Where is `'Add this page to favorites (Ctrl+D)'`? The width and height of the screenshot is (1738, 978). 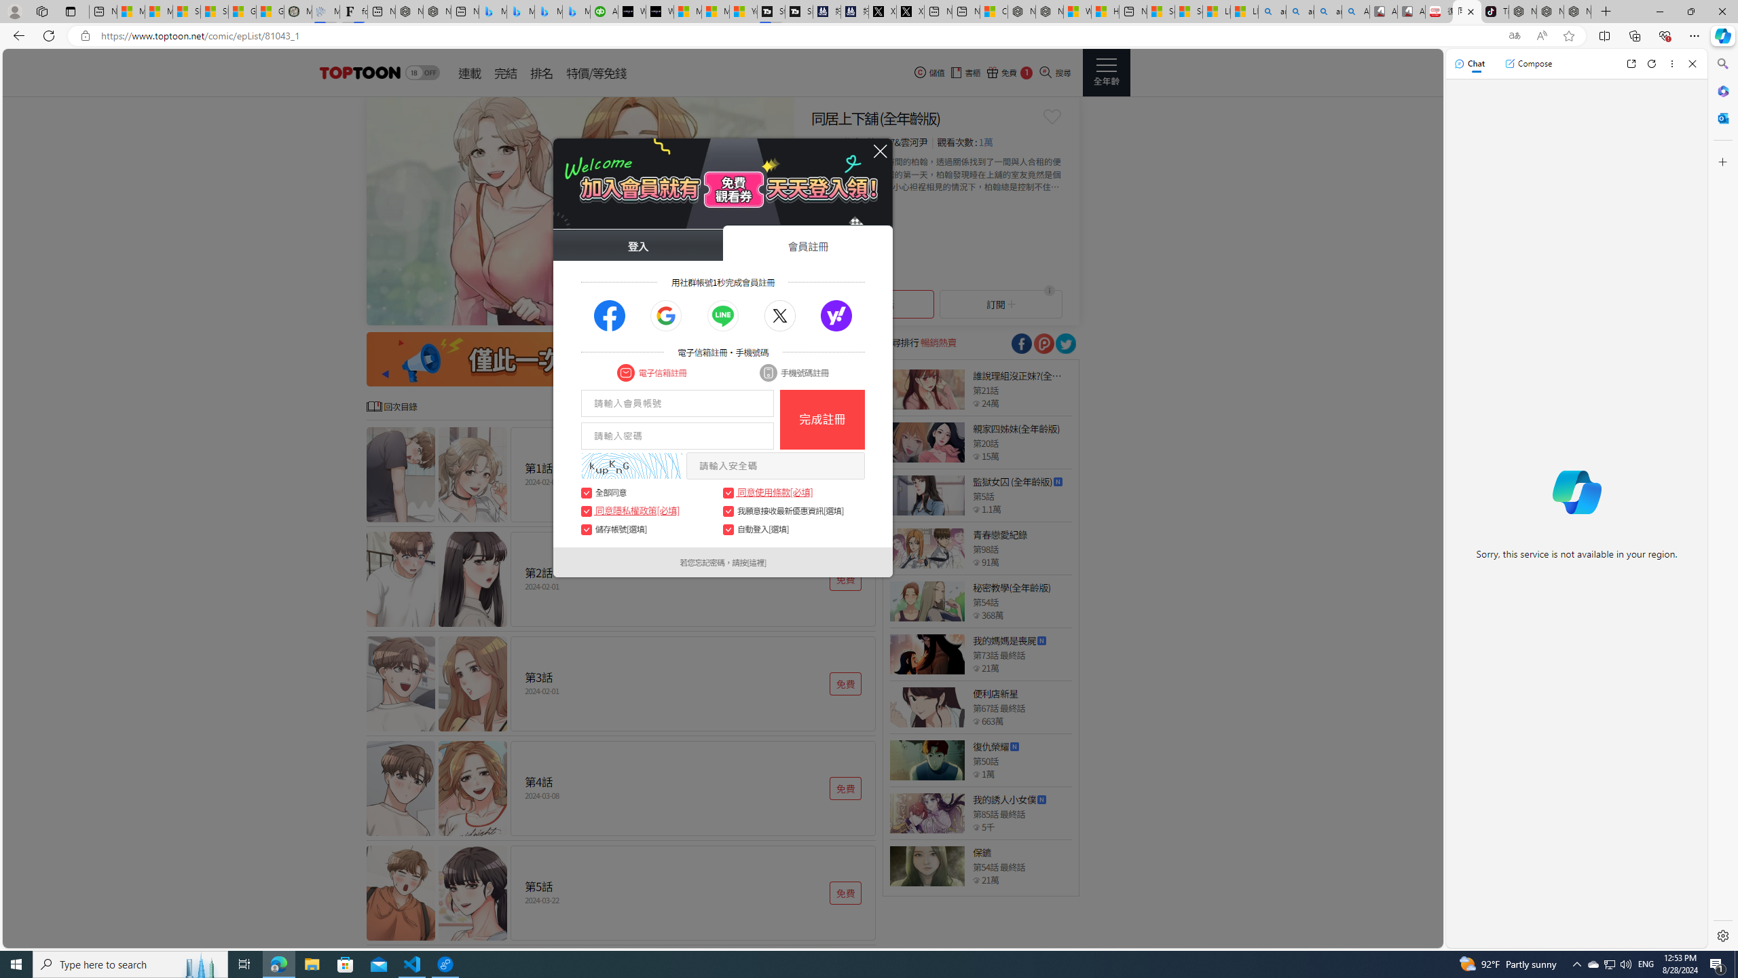 'Add this page to favorites (Ctrl+D)' is located at coordinates (1569, 36).